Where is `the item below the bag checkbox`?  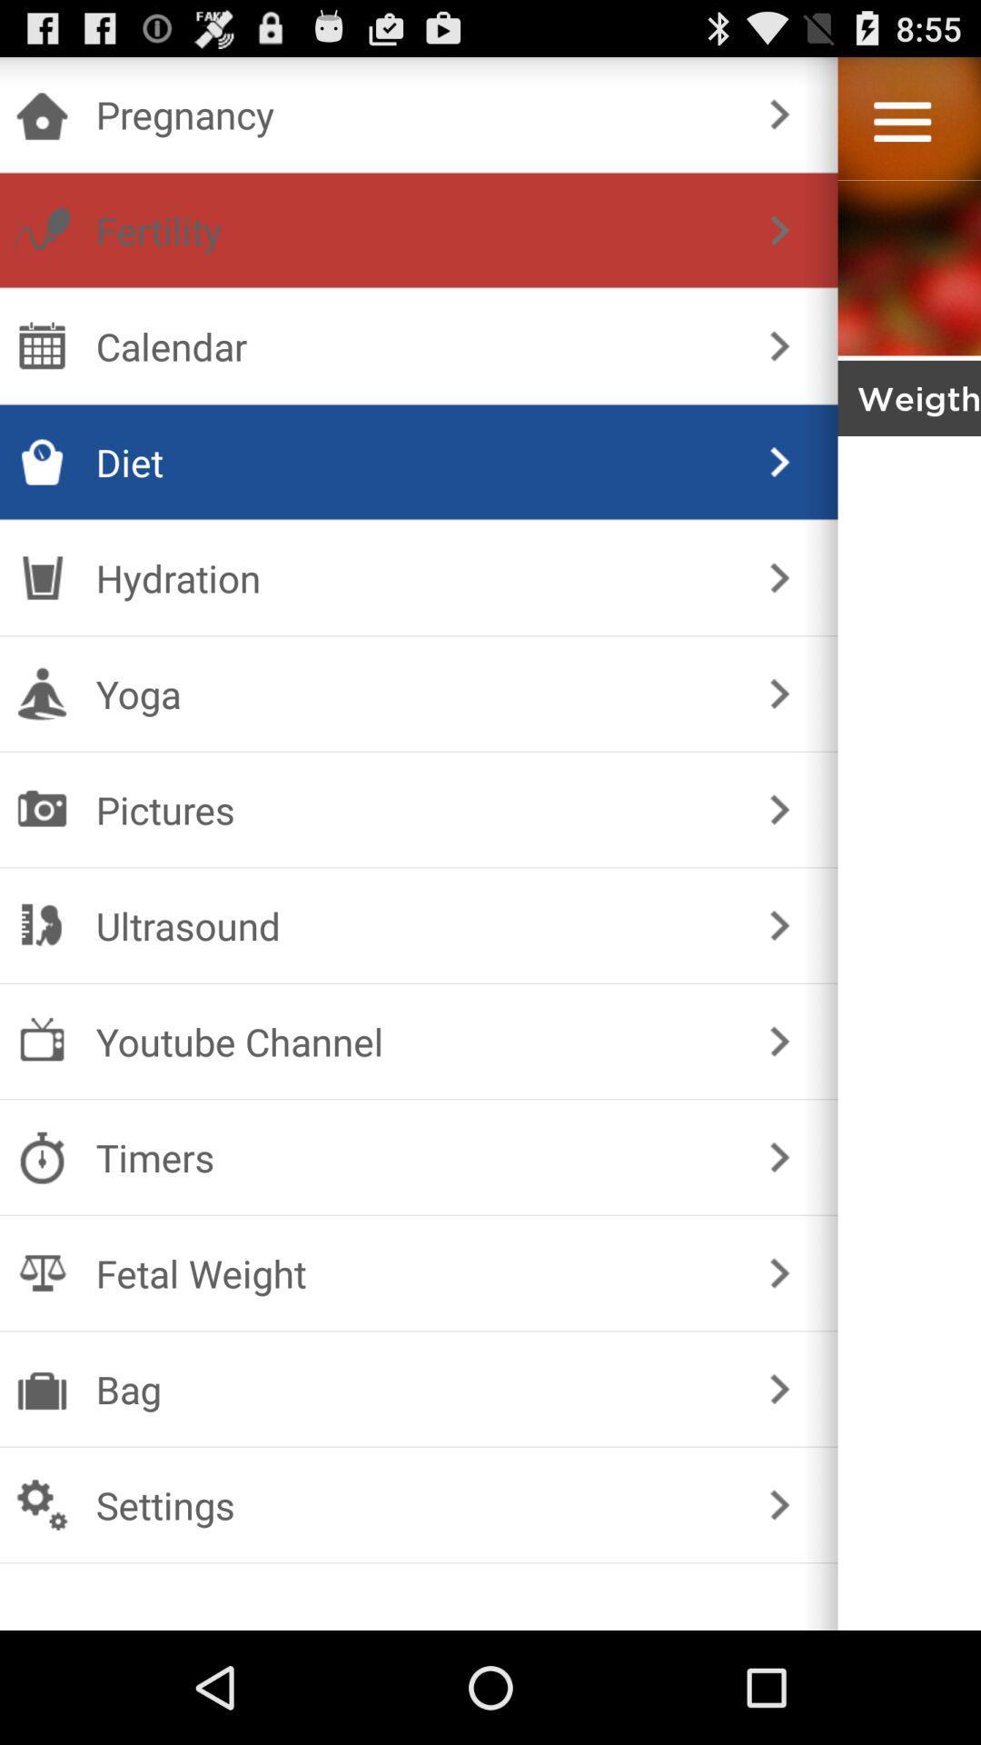 the item below the bag checkbox is located at coordinates (415, 1505).